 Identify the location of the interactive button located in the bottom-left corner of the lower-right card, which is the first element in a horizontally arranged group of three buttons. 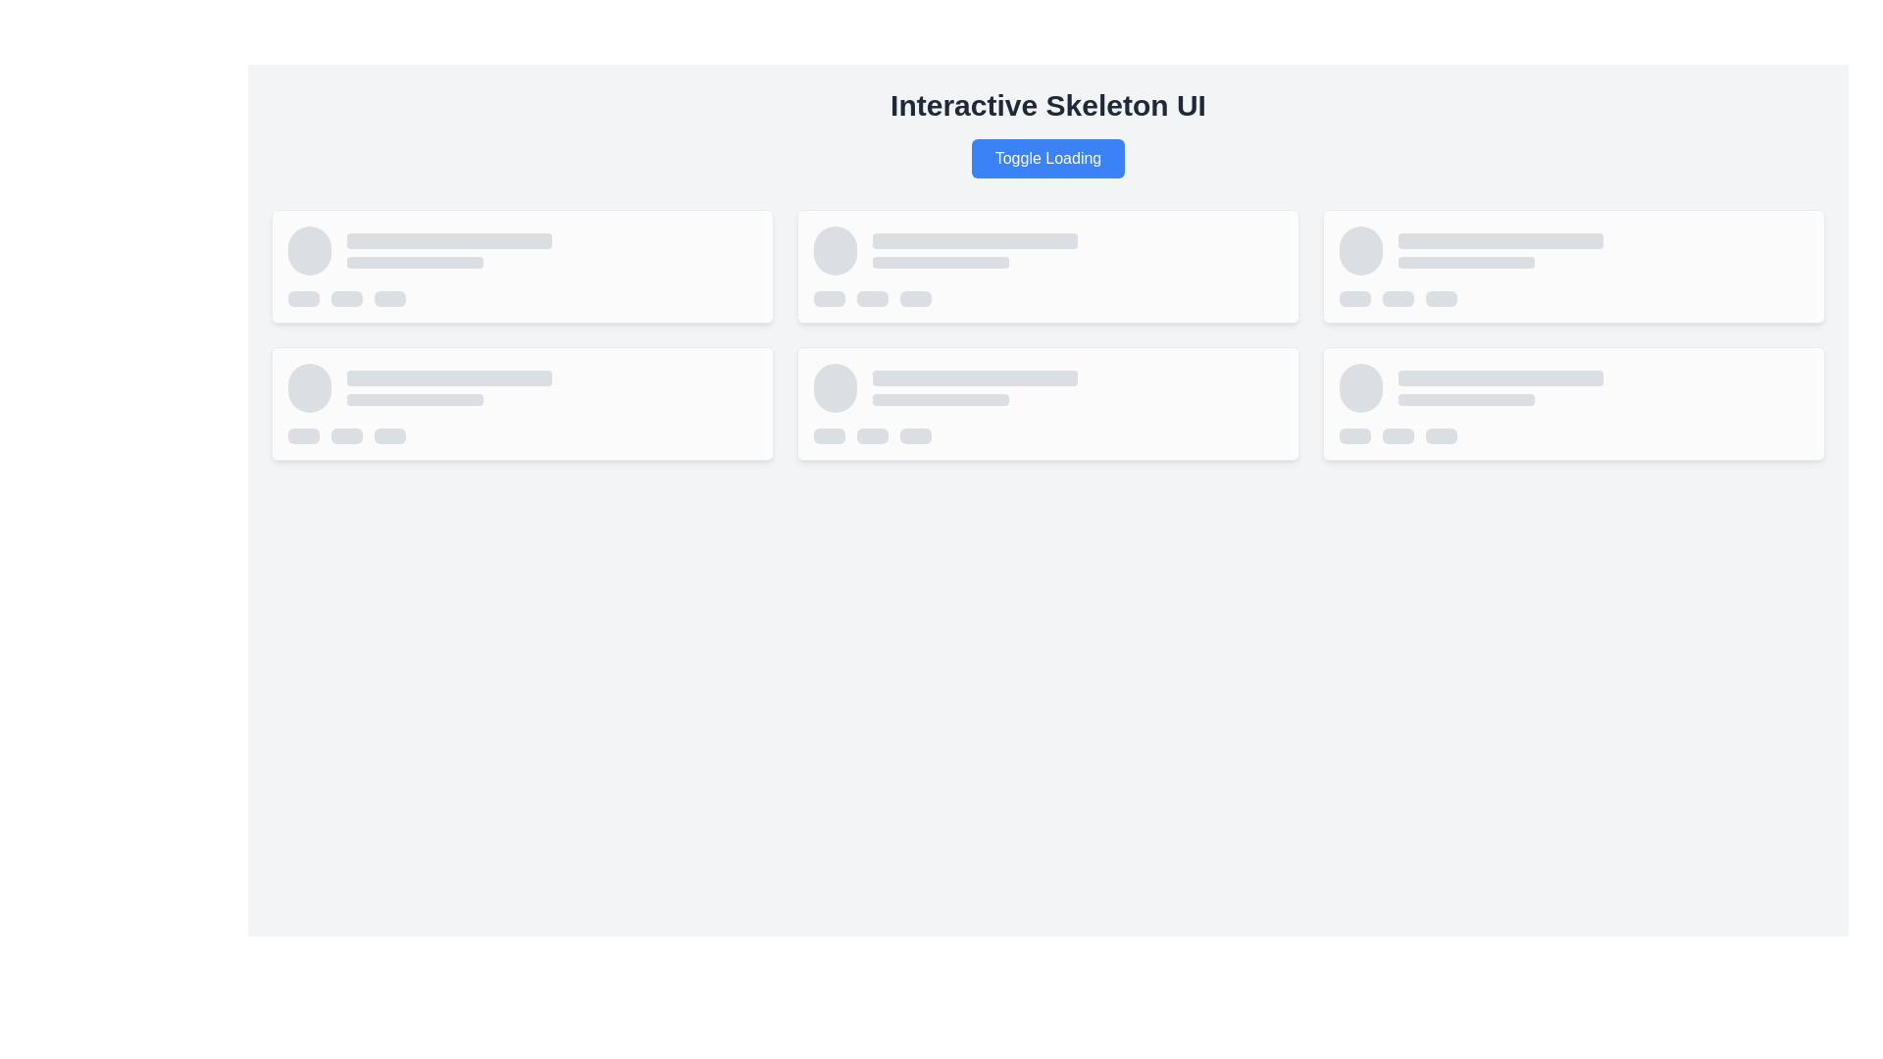
(829, 434).